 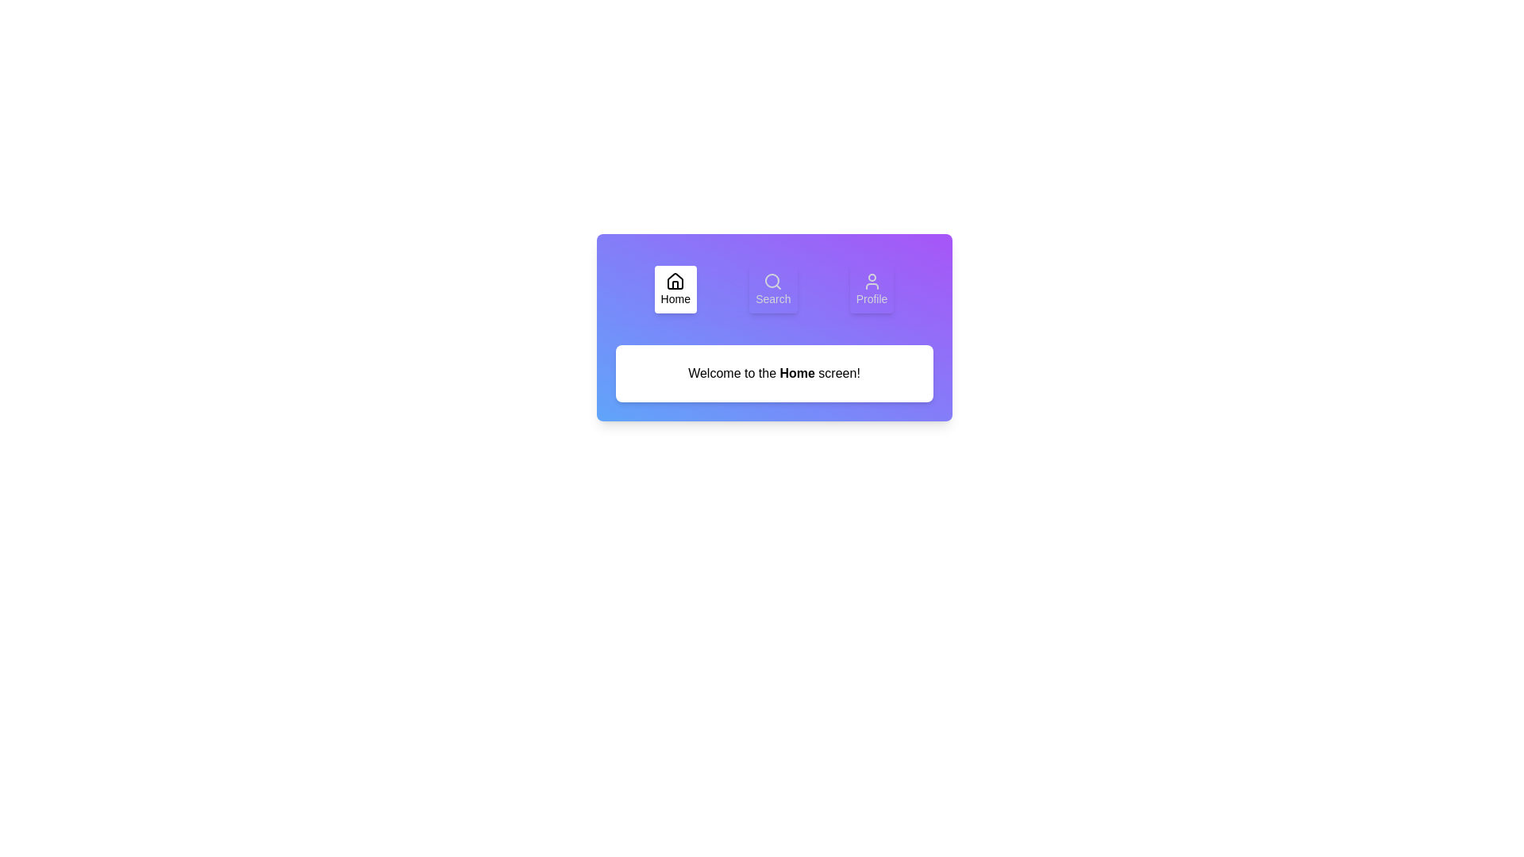 What do you see at coordinates (675, 284) in the screenshot?
I see `the small house-shaped icon within the 'Home' button located on the left side of the horizontal navigation menu` at bounding box center [675, 284].